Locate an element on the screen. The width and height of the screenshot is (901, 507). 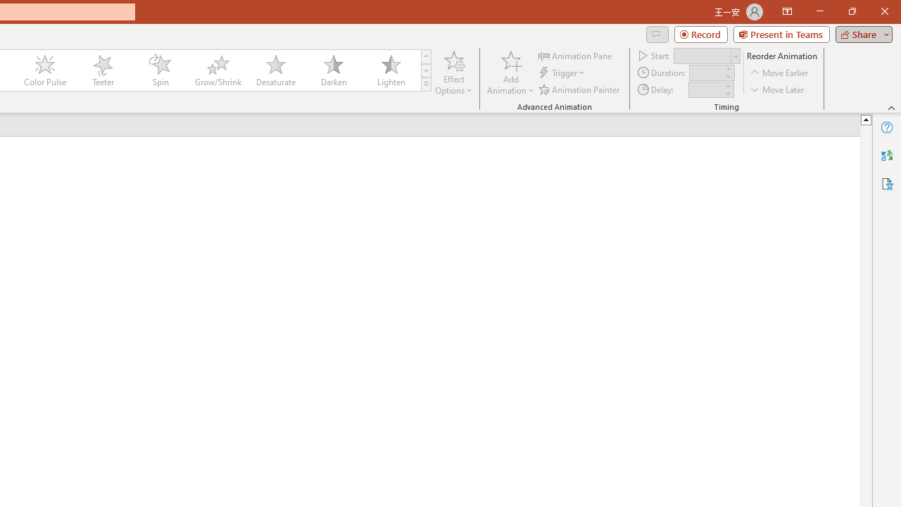
'Animation Painter' is located at coordinates (580, 89).